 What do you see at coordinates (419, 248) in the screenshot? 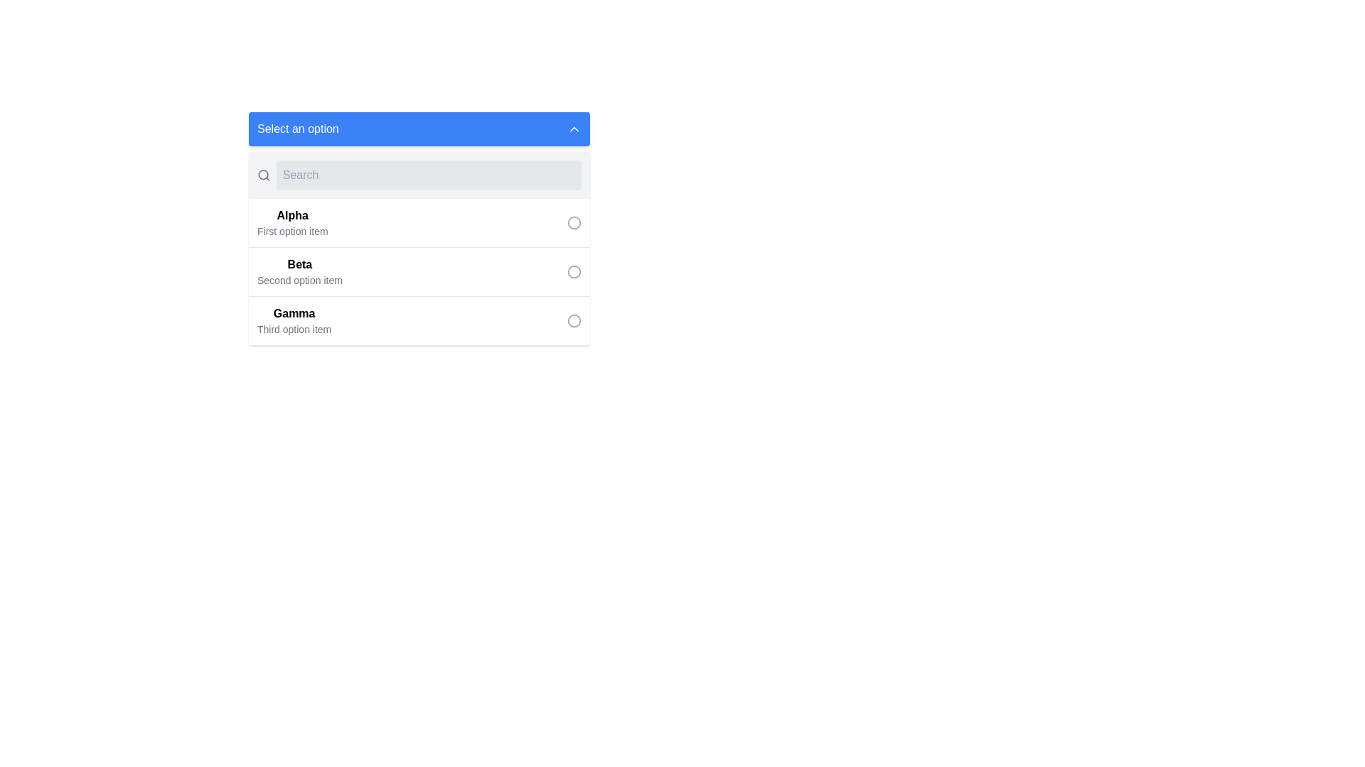
I see `the second option in the dropdown list titled 'Beta', which is positioned below 'Alpha' and above 'Gamma'` at bounding box center [419, 248].